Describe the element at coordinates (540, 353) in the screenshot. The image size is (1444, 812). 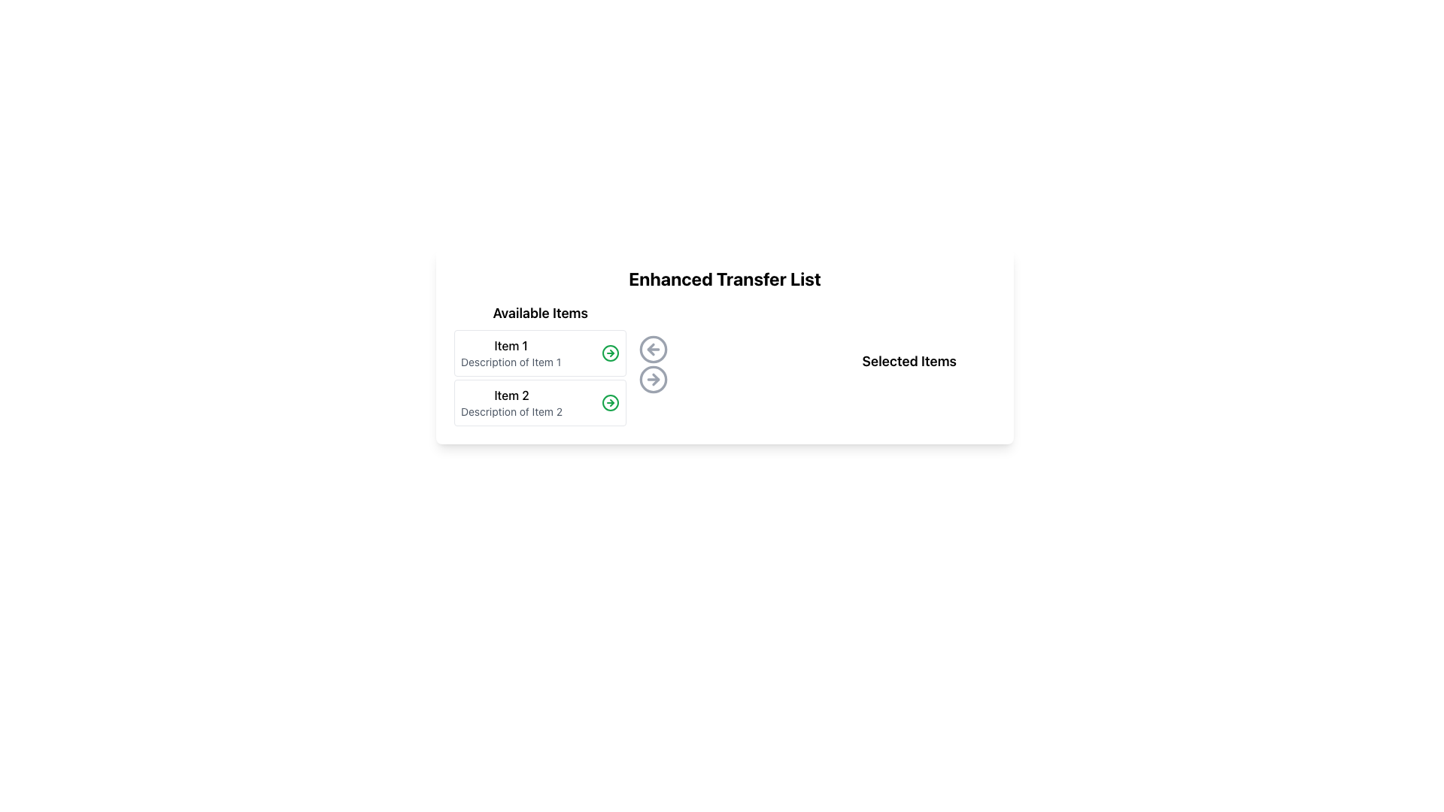
I see `the first selectable item in the 'Available Items' list` at that location.